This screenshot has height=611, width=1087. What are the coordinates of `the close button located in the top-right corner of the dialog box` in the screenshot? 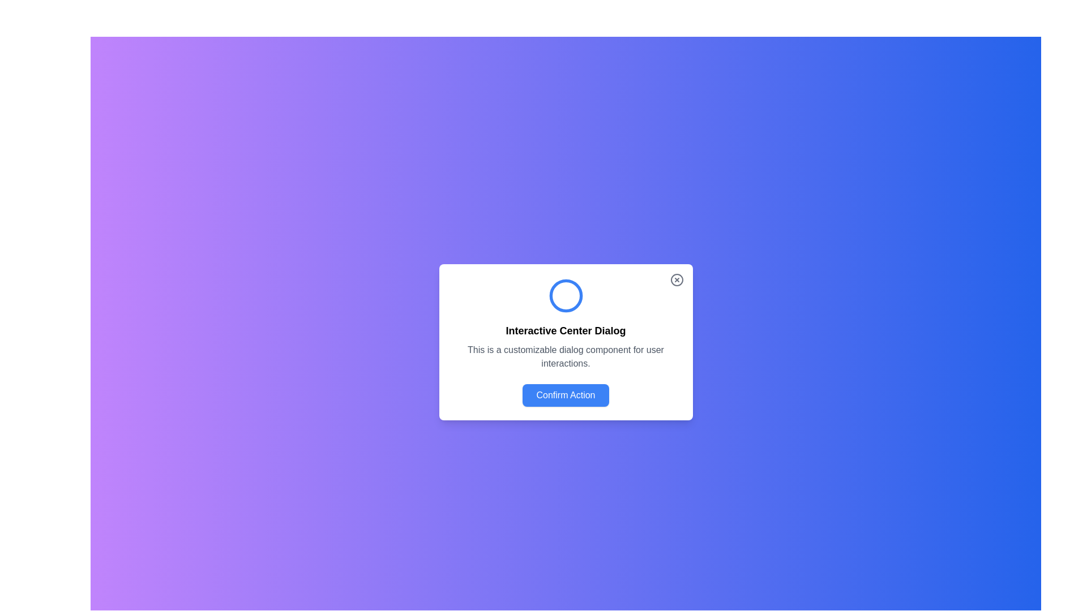 It's located at (677, 279).